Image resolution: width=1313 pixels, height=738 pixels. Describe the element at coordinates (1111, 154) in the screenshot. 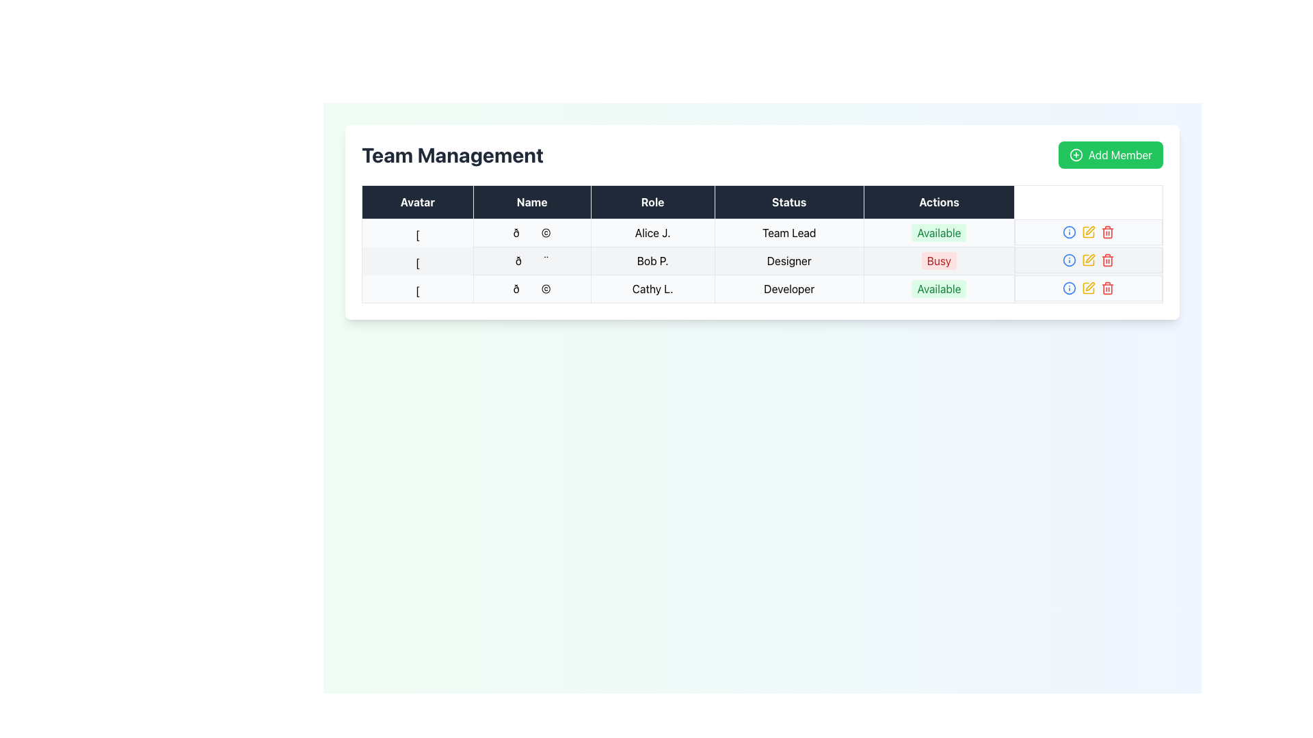

I see `the button located in the top-right corner of the interface, to the right of the 'Team Management' title, which triggers hover effects` at that location.